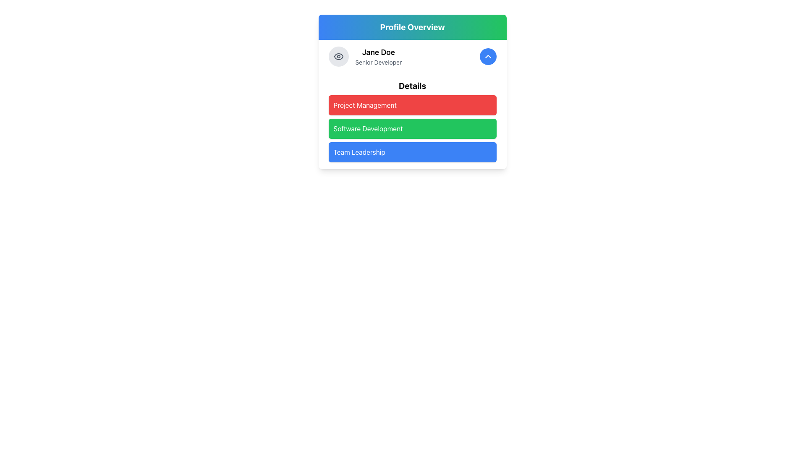 This screenshot has width=806, height=453. Describe the element at coordinates (488, 57) in the screenshot. I see `the circular blue button with an upward-pointing arrow chevron icon` at that location.